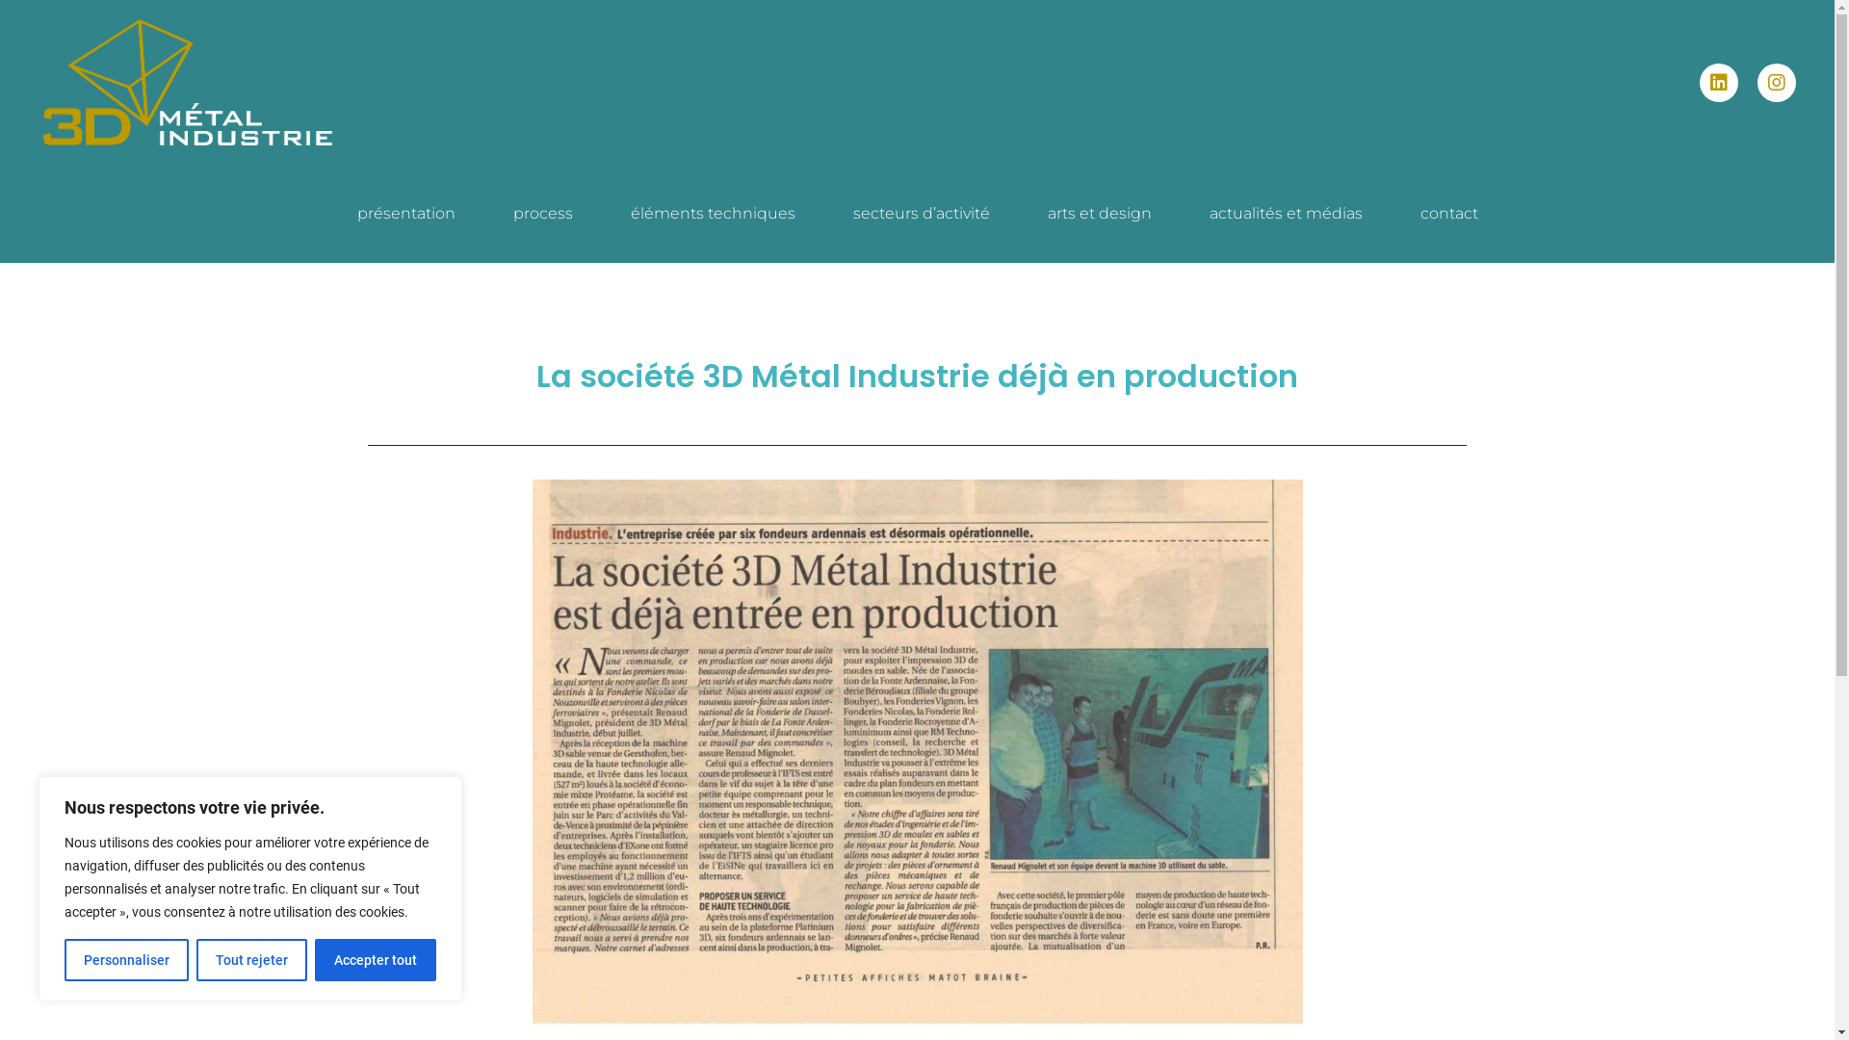 This screenshot has height=1040, width=1849. What do you see at coordinates (483, 214) in the screenshot?
I see `'process'` at bounding box center [483, 214].